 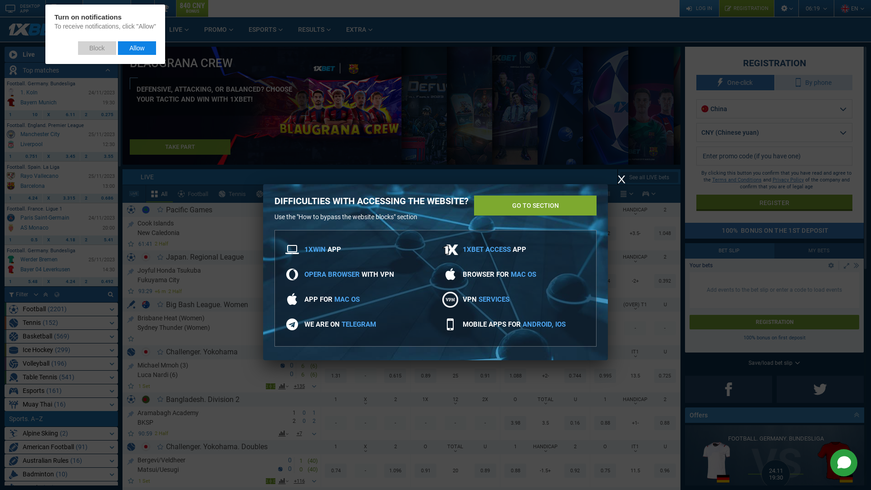 What do you see at coordinates (6, 93) in the screenshot?
I see `'1. Koln. Cologne'` at bounding box center [6, 93].